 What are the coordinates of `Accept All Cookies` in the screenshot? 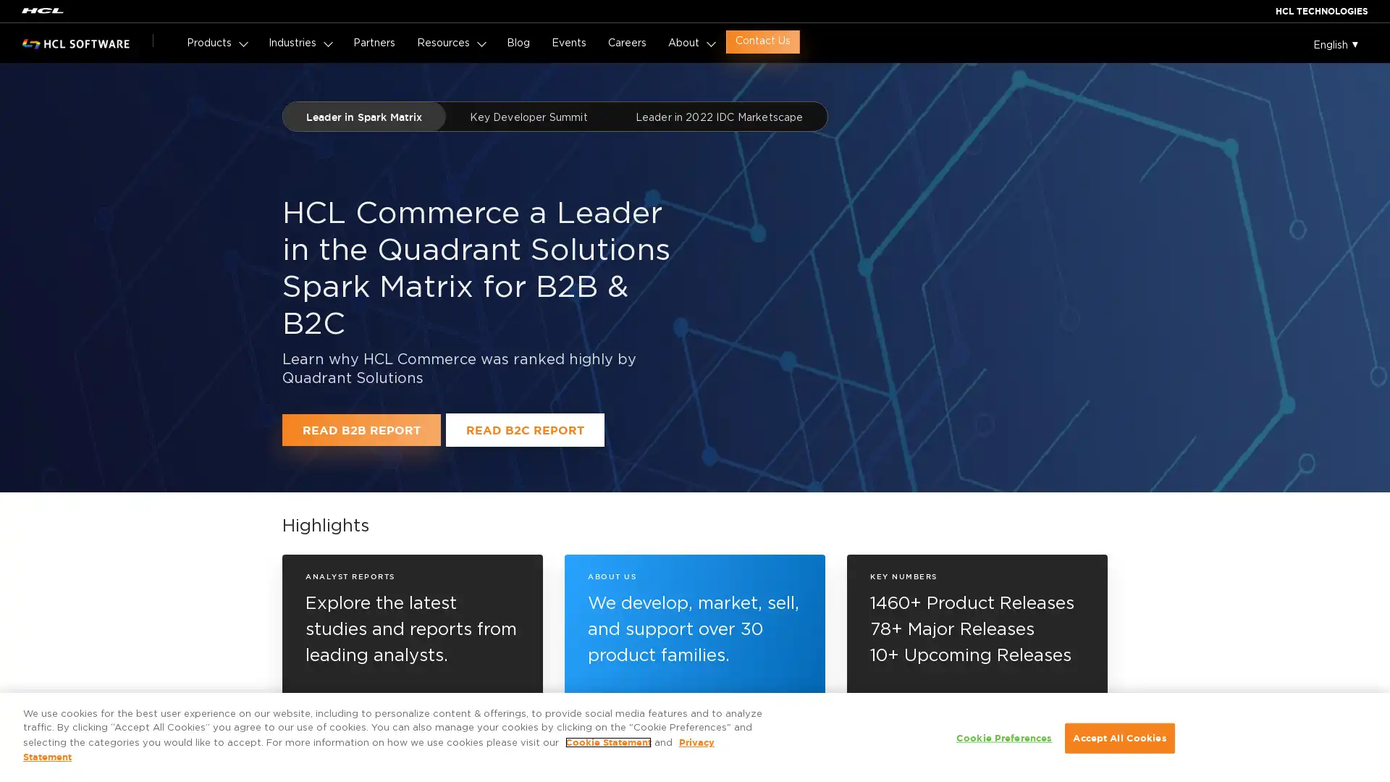 It's located at (1119, 738).